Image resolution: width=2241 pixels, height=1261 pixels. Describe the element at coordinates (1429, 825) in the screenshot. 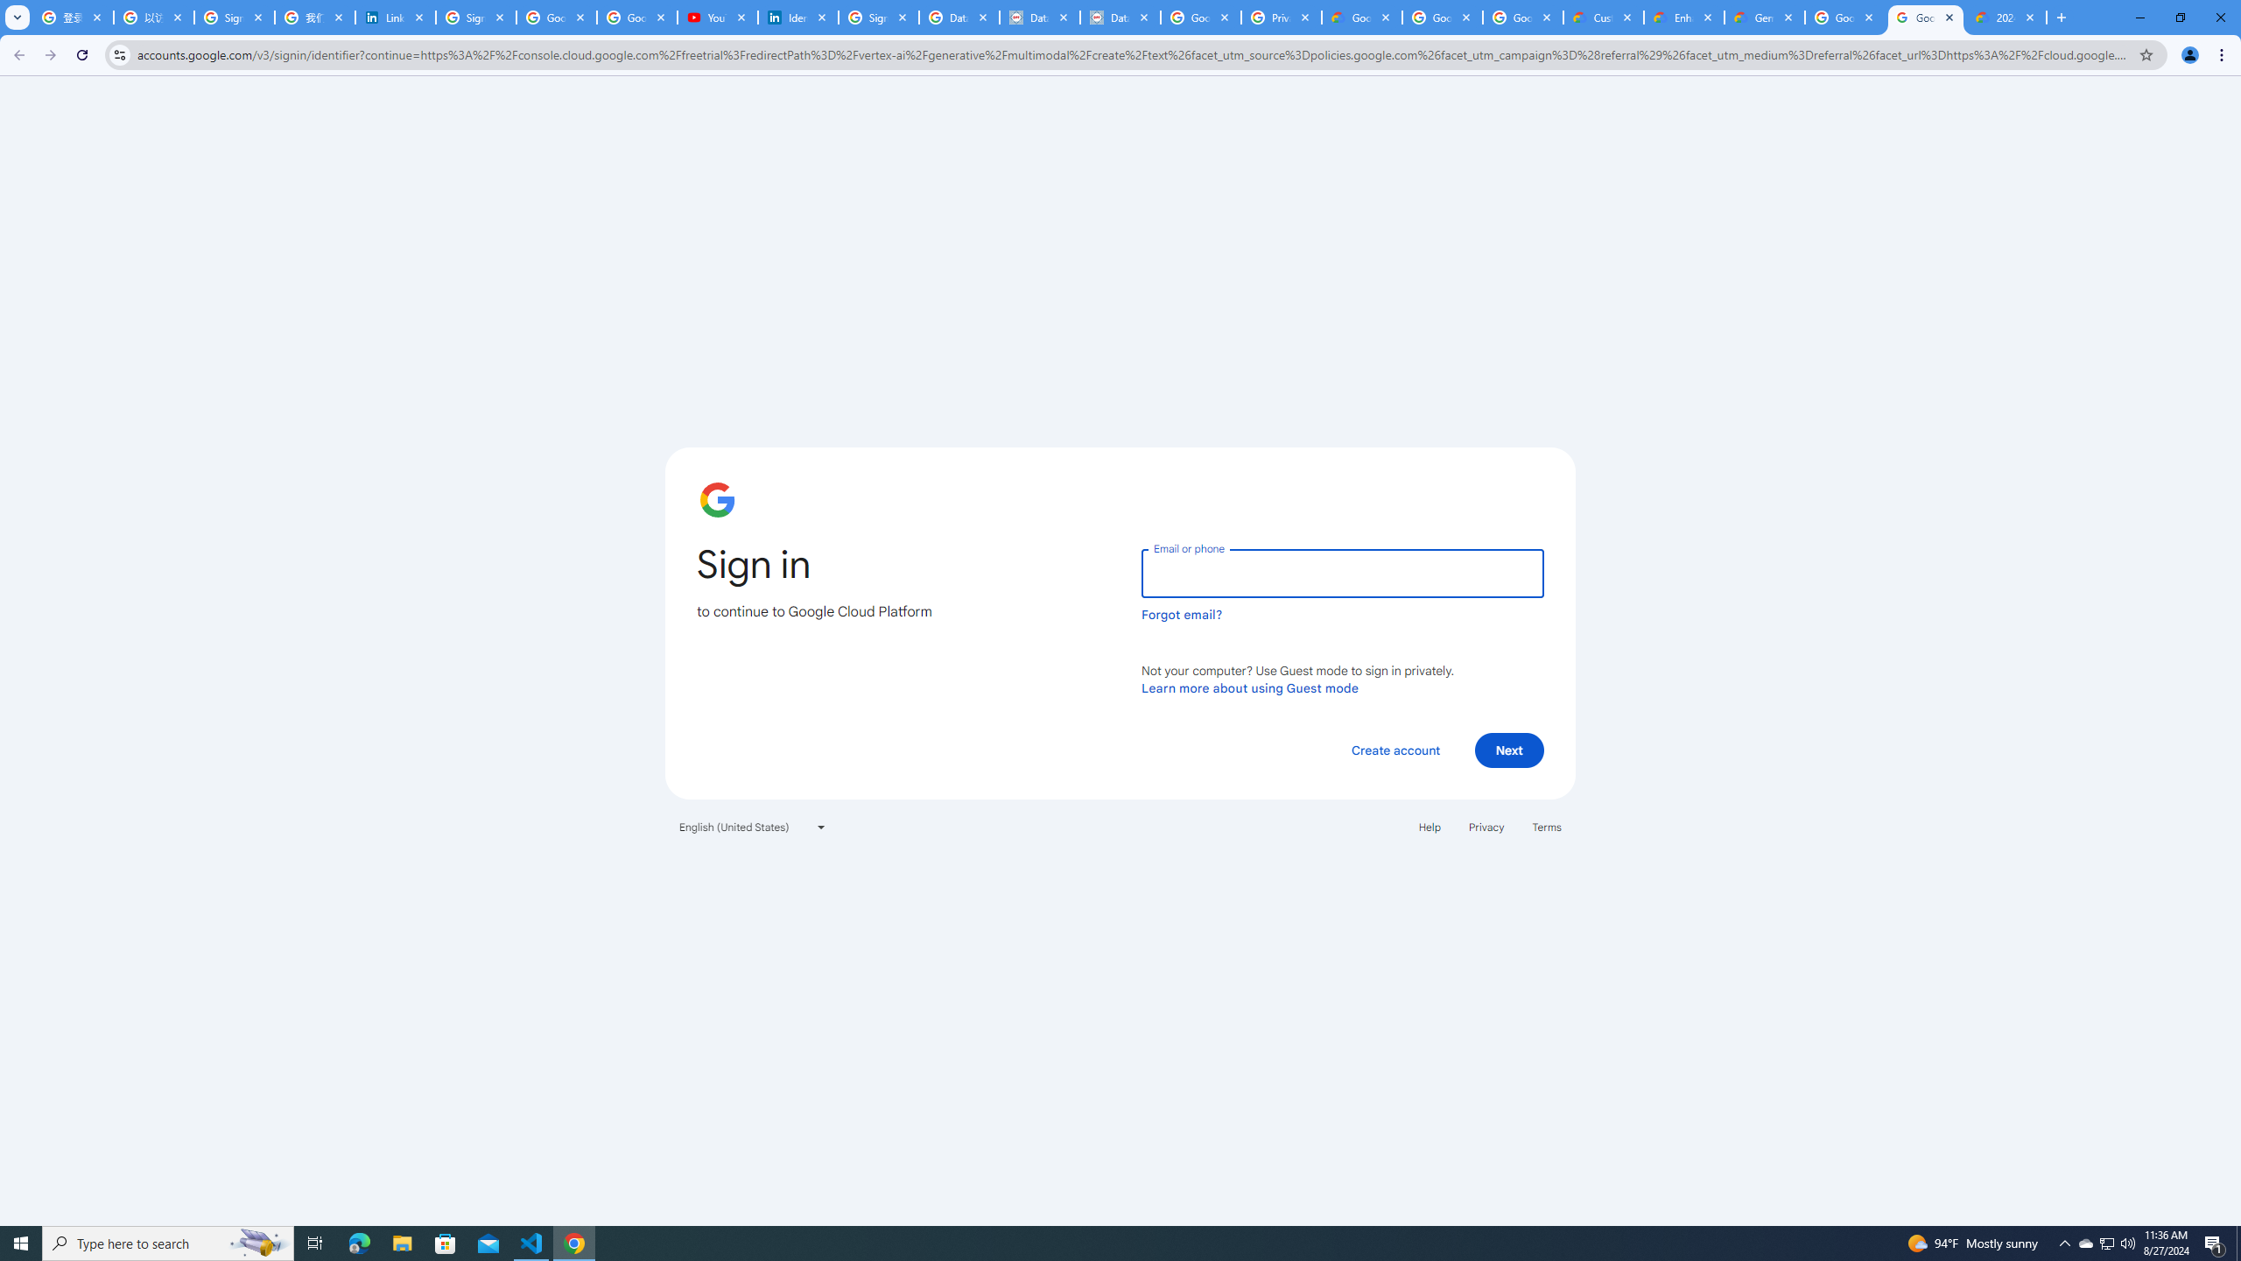

I see `'Help'` at that location.